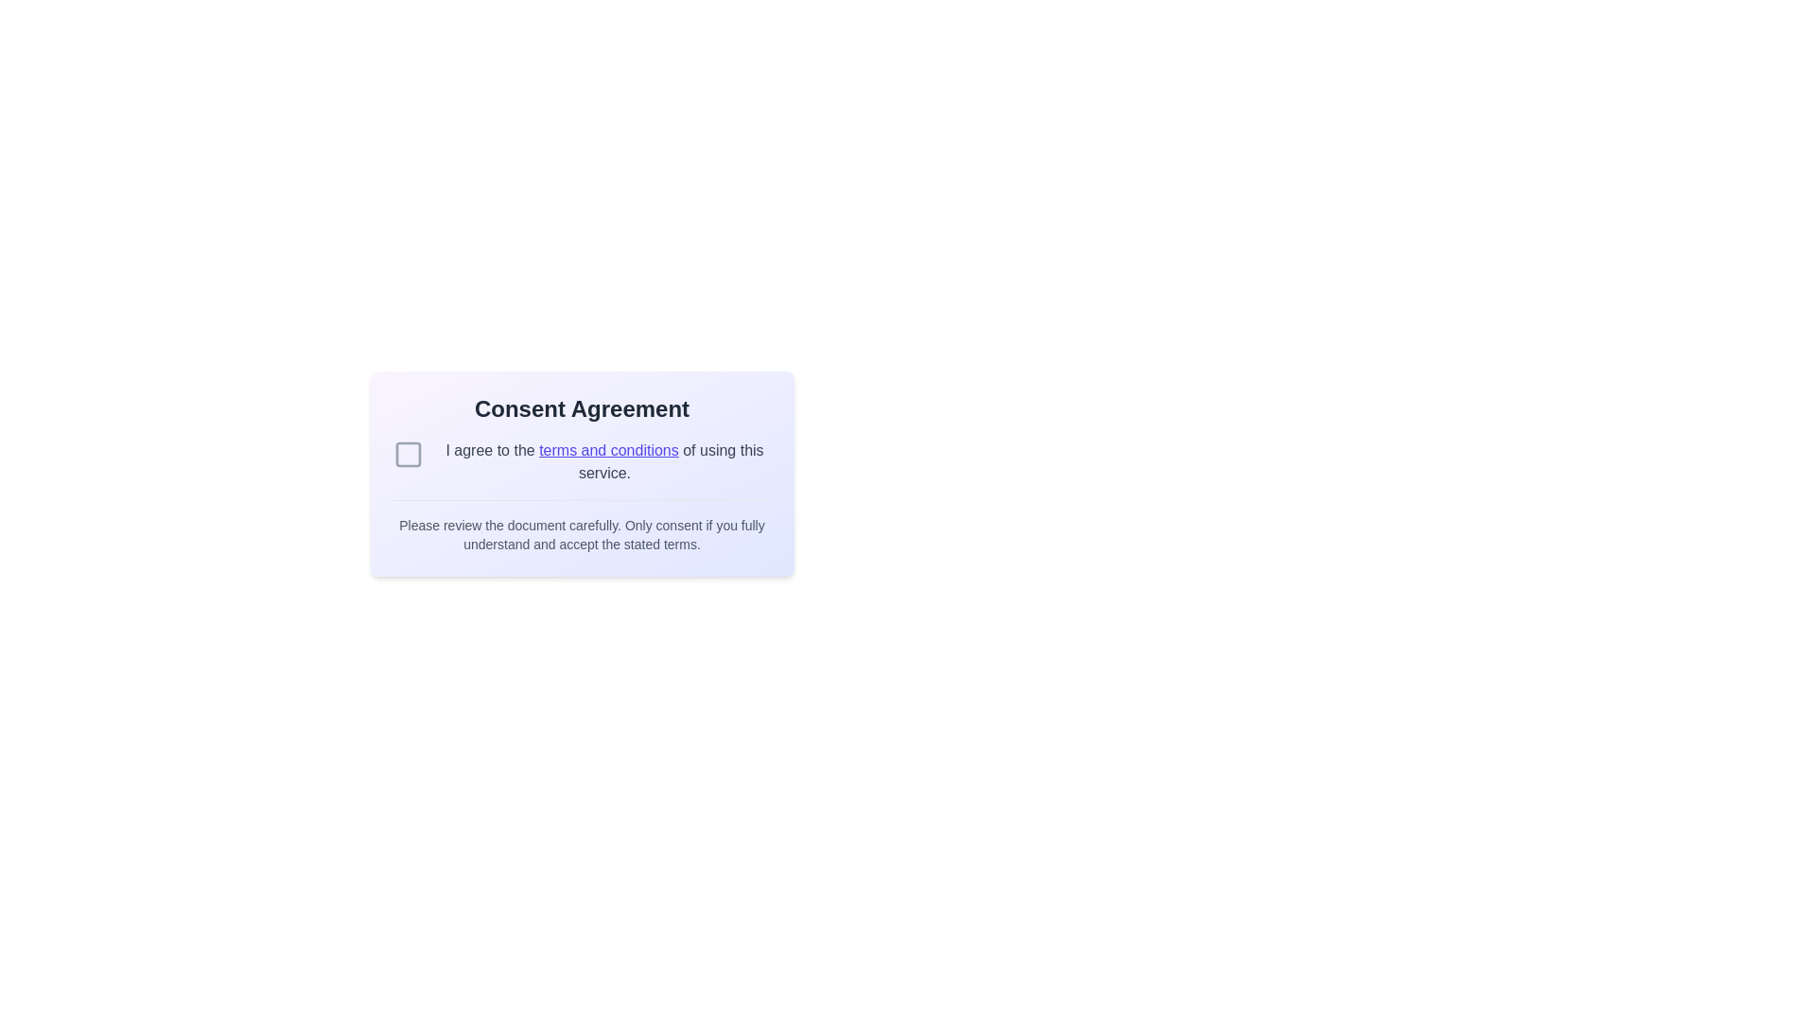 This screenshot has height=1021, width=1816. Describe the element at coordinates (407, 455) in the screenshot. I see `the interactive checkbox located to the left of the text 'I agree to the terms and conditions of using this service.'` at that location.